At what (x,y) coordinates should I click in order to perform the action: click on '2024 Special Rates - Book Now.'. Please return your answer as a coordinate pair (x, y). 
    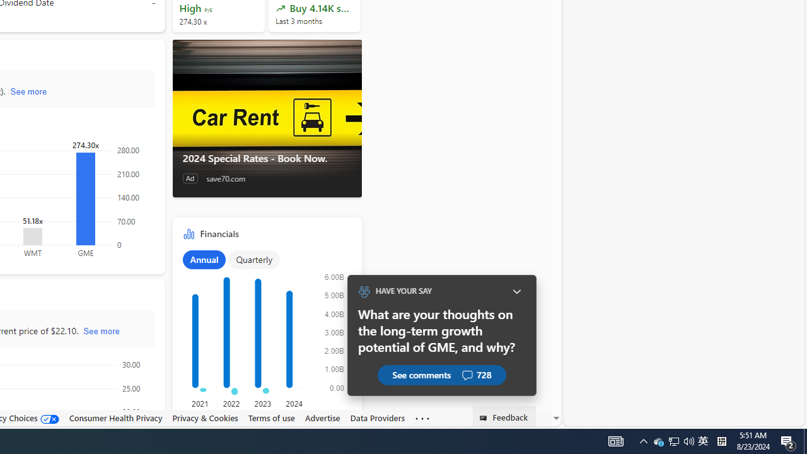
    Looking at the image, I should click on (266, 119).